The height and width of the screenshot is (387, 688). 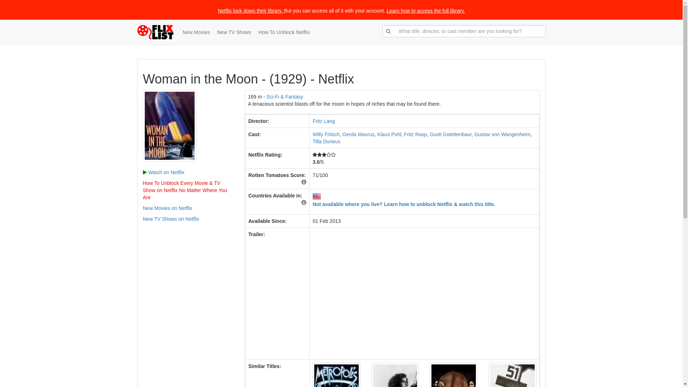 I want to click on 'Tilla Durieux', so click(x=312, y=141).